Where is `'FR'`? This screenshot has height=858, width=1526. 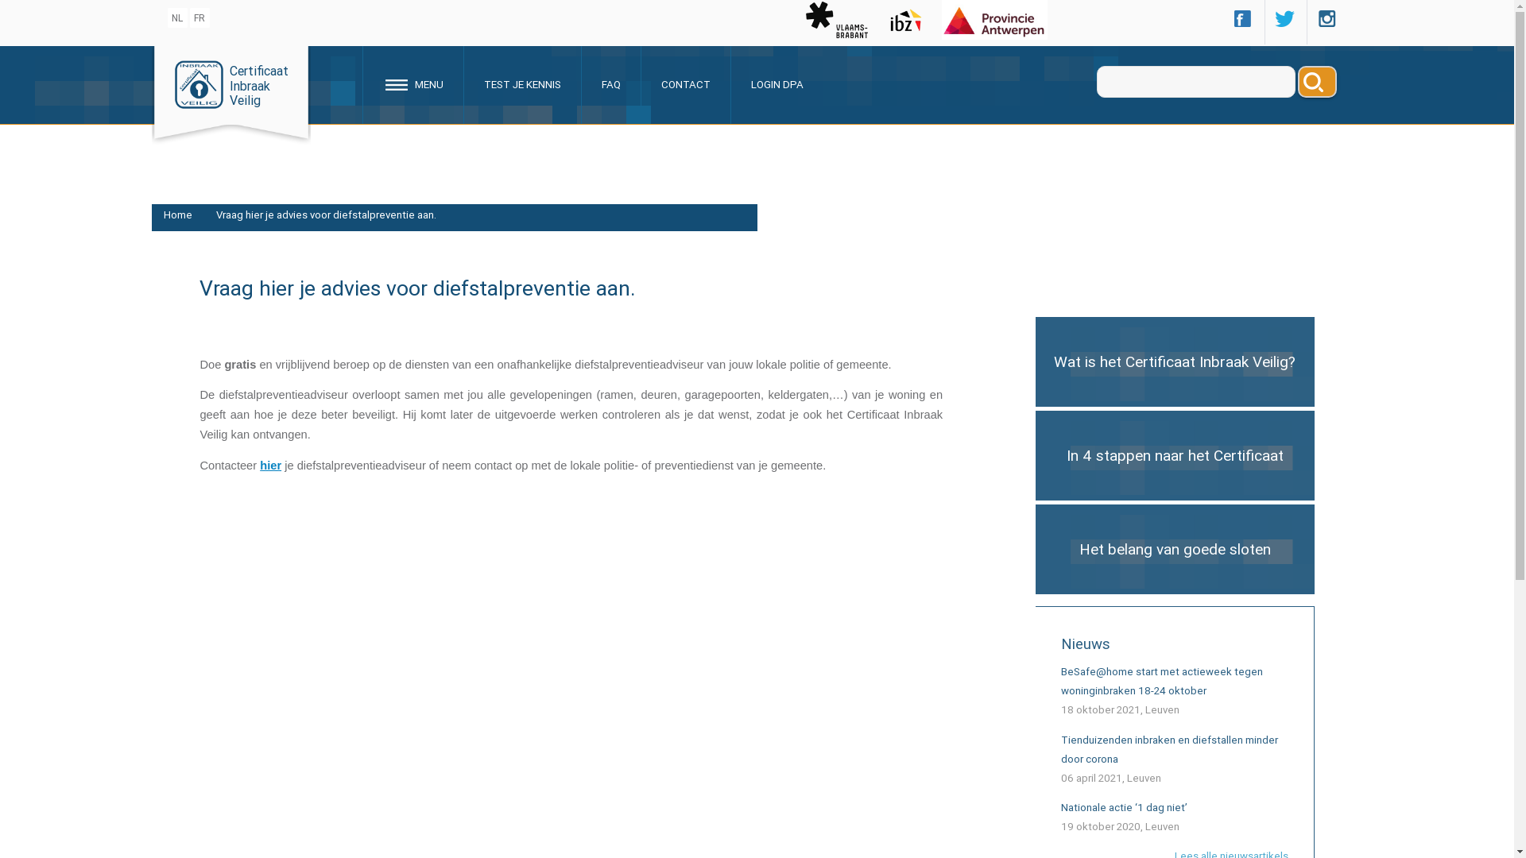
'FR' is located at coordinates (199, 17).